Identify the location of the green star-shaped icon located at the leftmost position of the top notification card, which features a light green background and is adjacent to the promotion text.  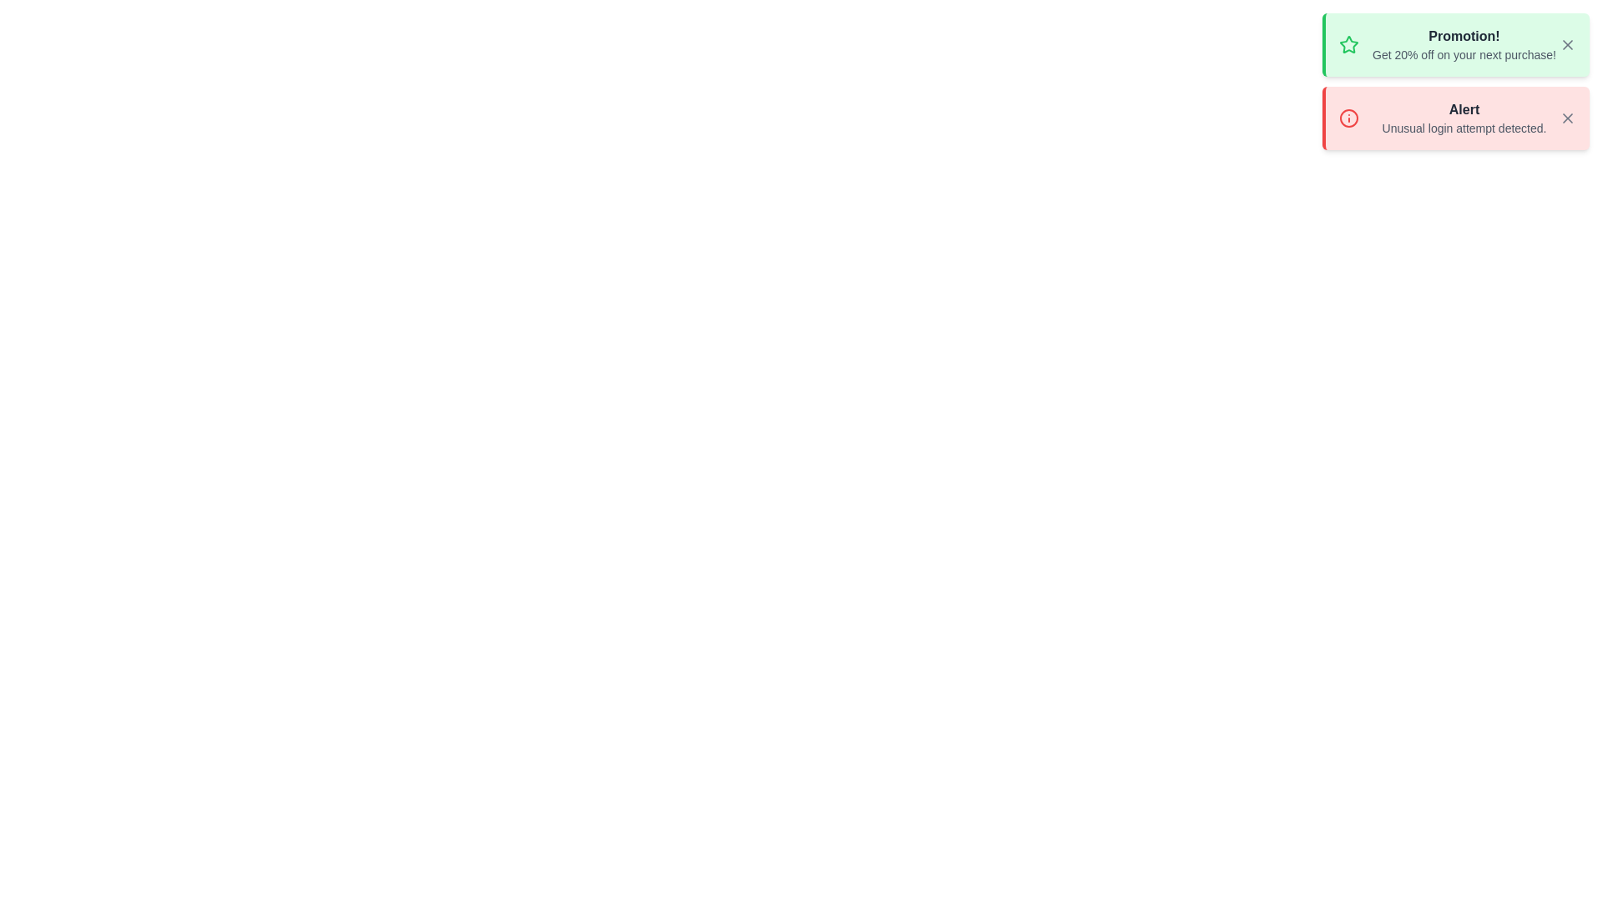
(1349, 44).